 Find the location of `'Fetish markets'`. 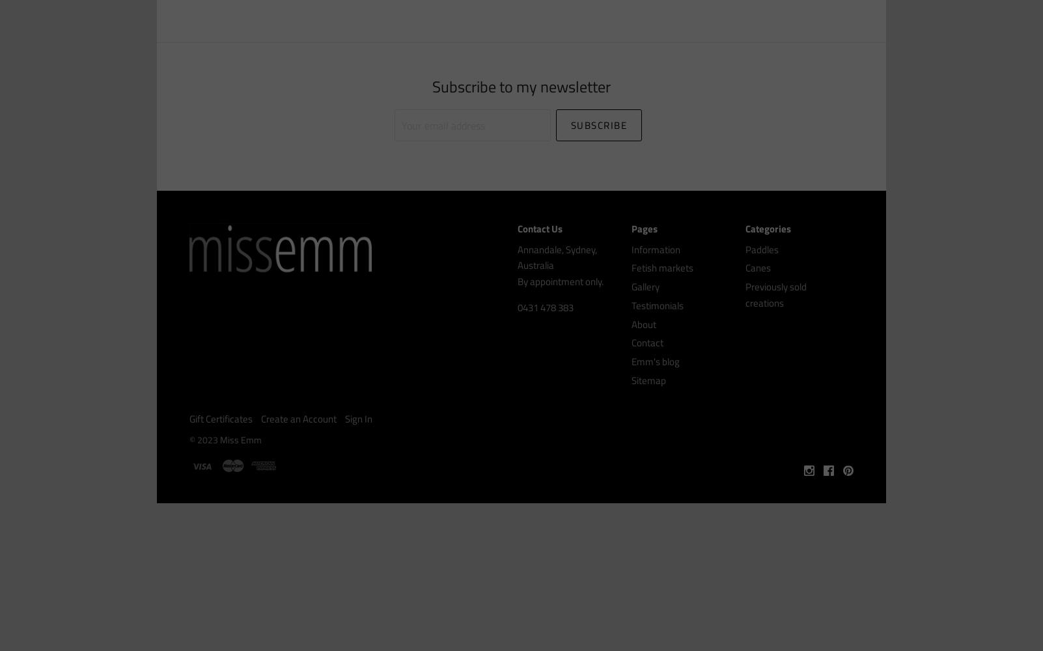

'Fetish markets' is located at coordinates (662, 268).